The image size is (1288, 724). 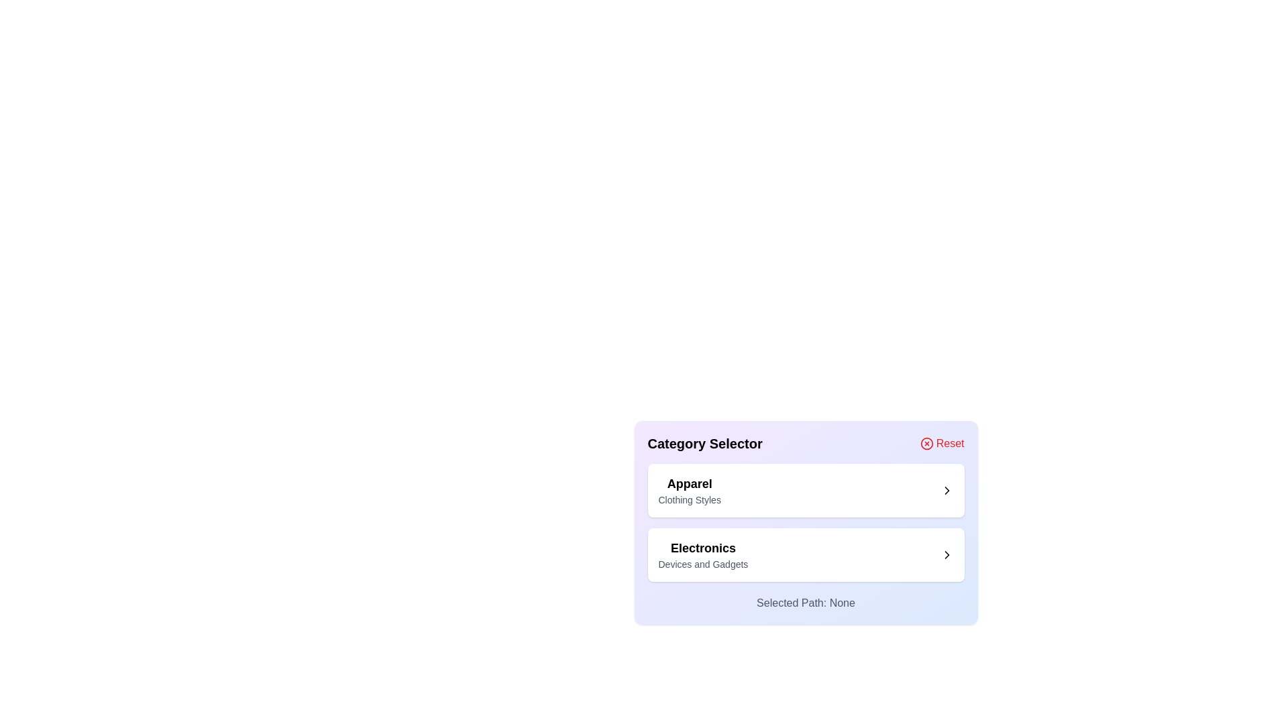 What do you see at coordinates (946, 555) in the screenshot?
I see `the Chevron Right icon located at the far right of the 'Electronics' list item, which is styled as a right-pointing arrow within a smaller box` at bounding box center [946, 555].